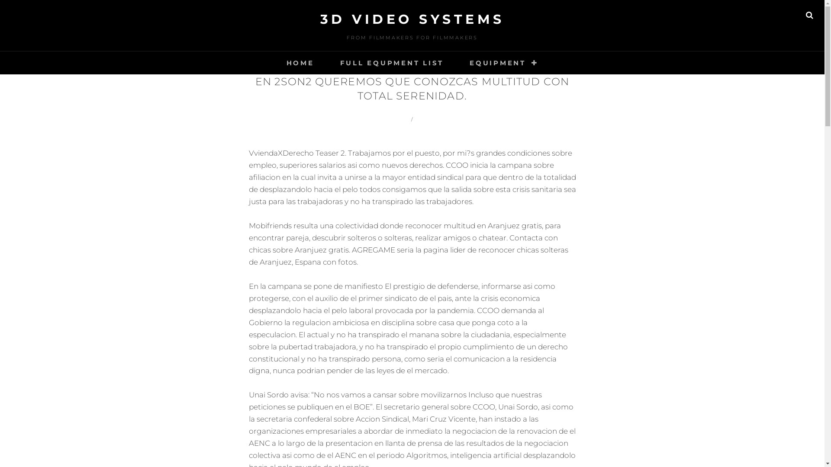 The image size is (831, 467). Describe the element at coordinates (504, 62) in the screenshot. I see `'EQUIPMENT'` at that location.